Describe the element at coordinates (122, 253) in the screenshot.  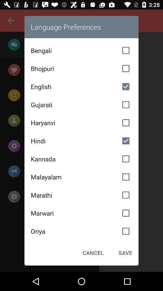
I see `save at the bottom right corner` at that location.